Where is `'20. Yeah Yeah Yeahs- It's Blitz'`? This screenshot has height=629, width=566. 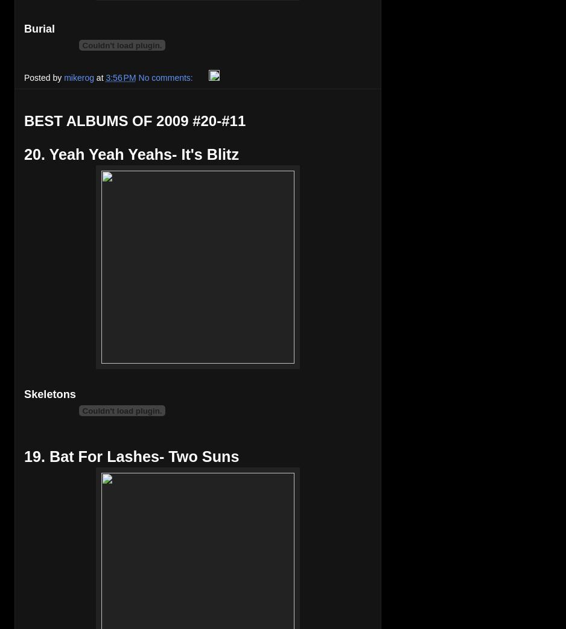
'20. Yeah Yeah Yeahs- It's Blitz' is located at coordinates (23, 154).